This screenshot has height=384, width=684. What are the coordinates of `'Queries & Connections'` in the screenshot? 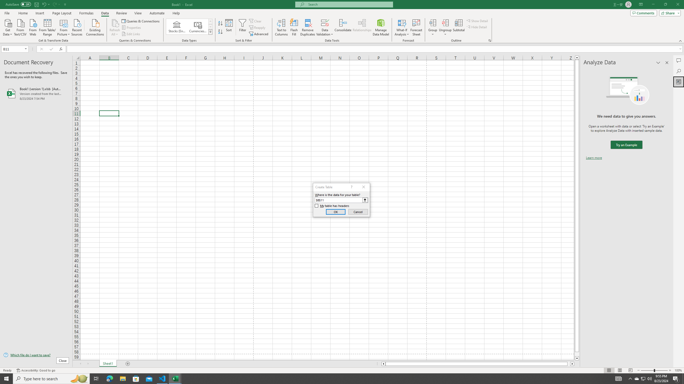 It's located at (141, 21).